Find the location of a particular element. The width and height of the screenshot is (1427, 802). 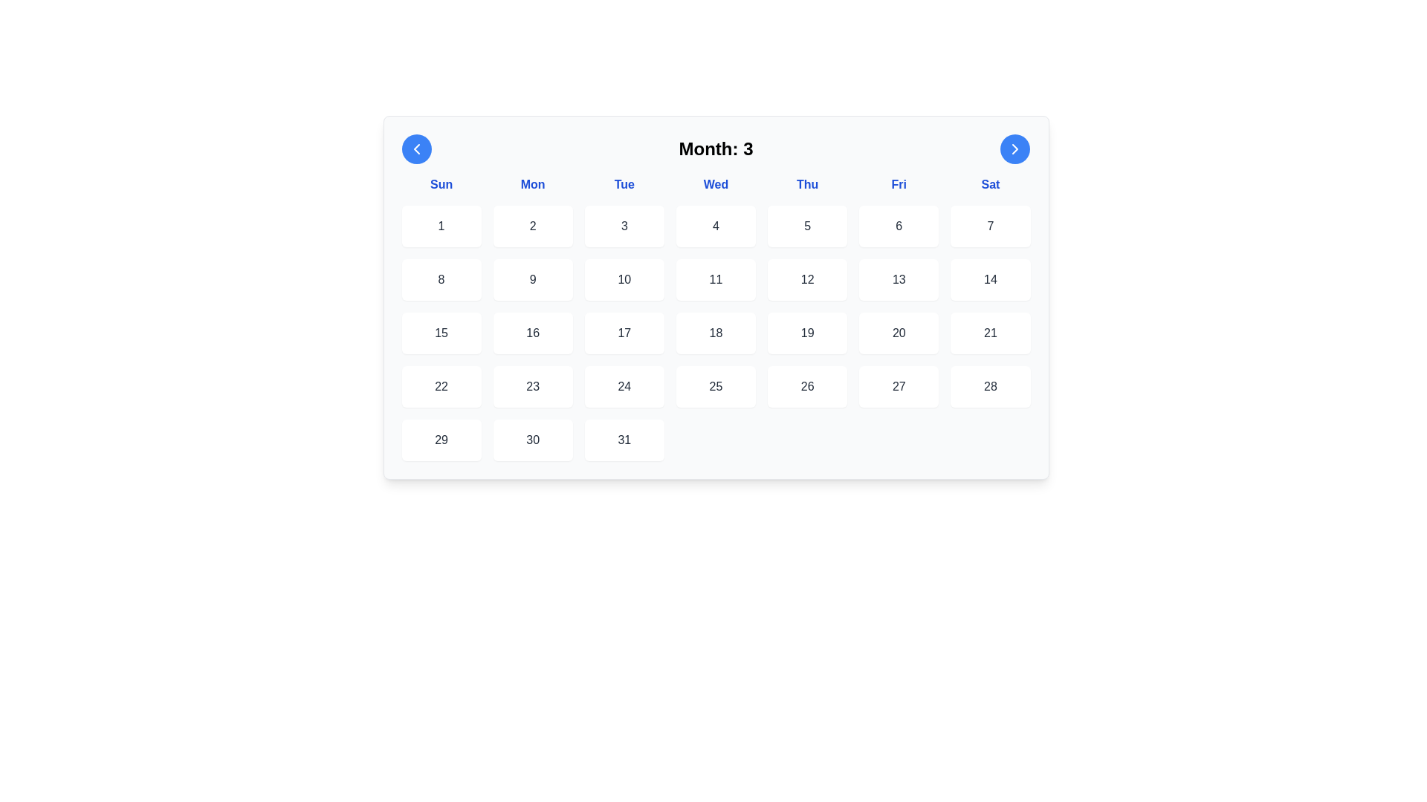

the label indicating the calendar date Friday, March 6th, located in the second row and sixth column of the calendar grid is located at coordinates (898, 226).